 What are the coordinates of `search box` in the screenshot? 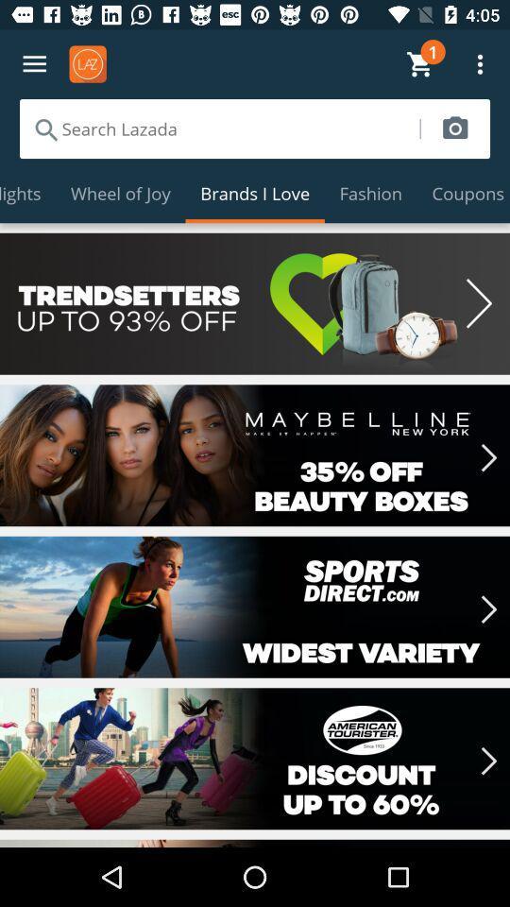 It's located at (218, 128).